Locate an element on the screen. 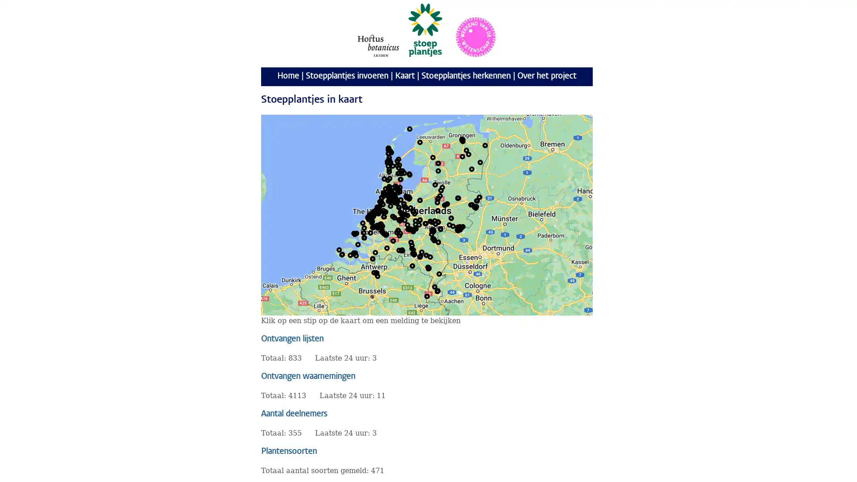 The height and width of the screenshot is (482, 857). Telling van op 05 mei 2022 is located at coordinates (462, 225).